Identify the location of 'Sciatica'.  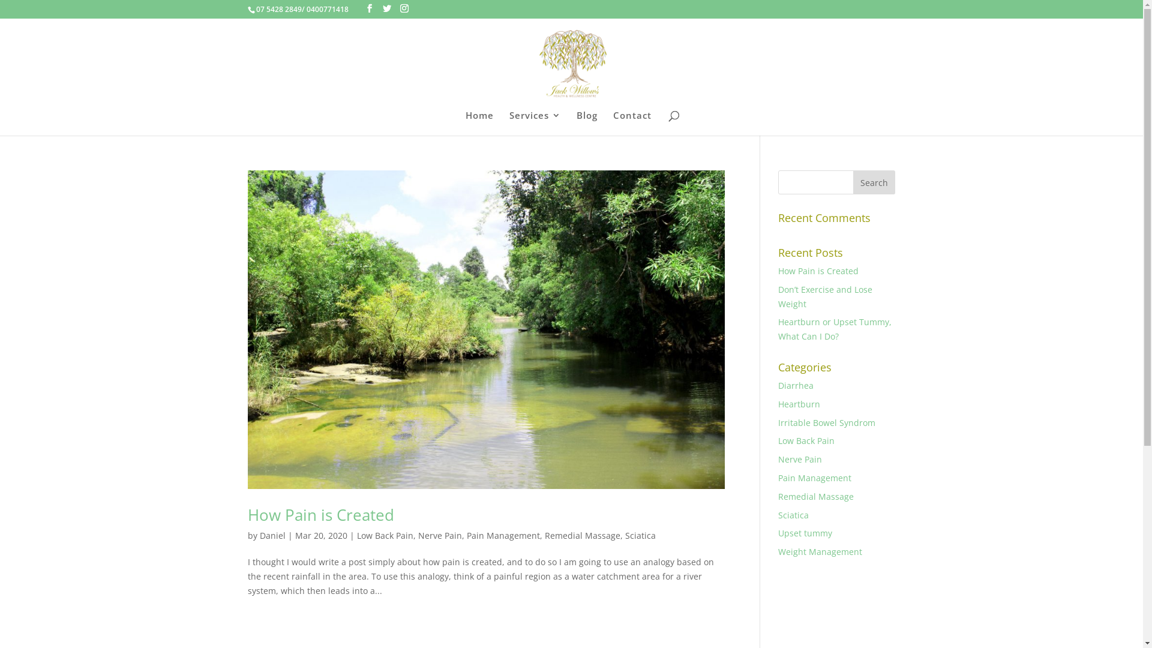
(624, 535).